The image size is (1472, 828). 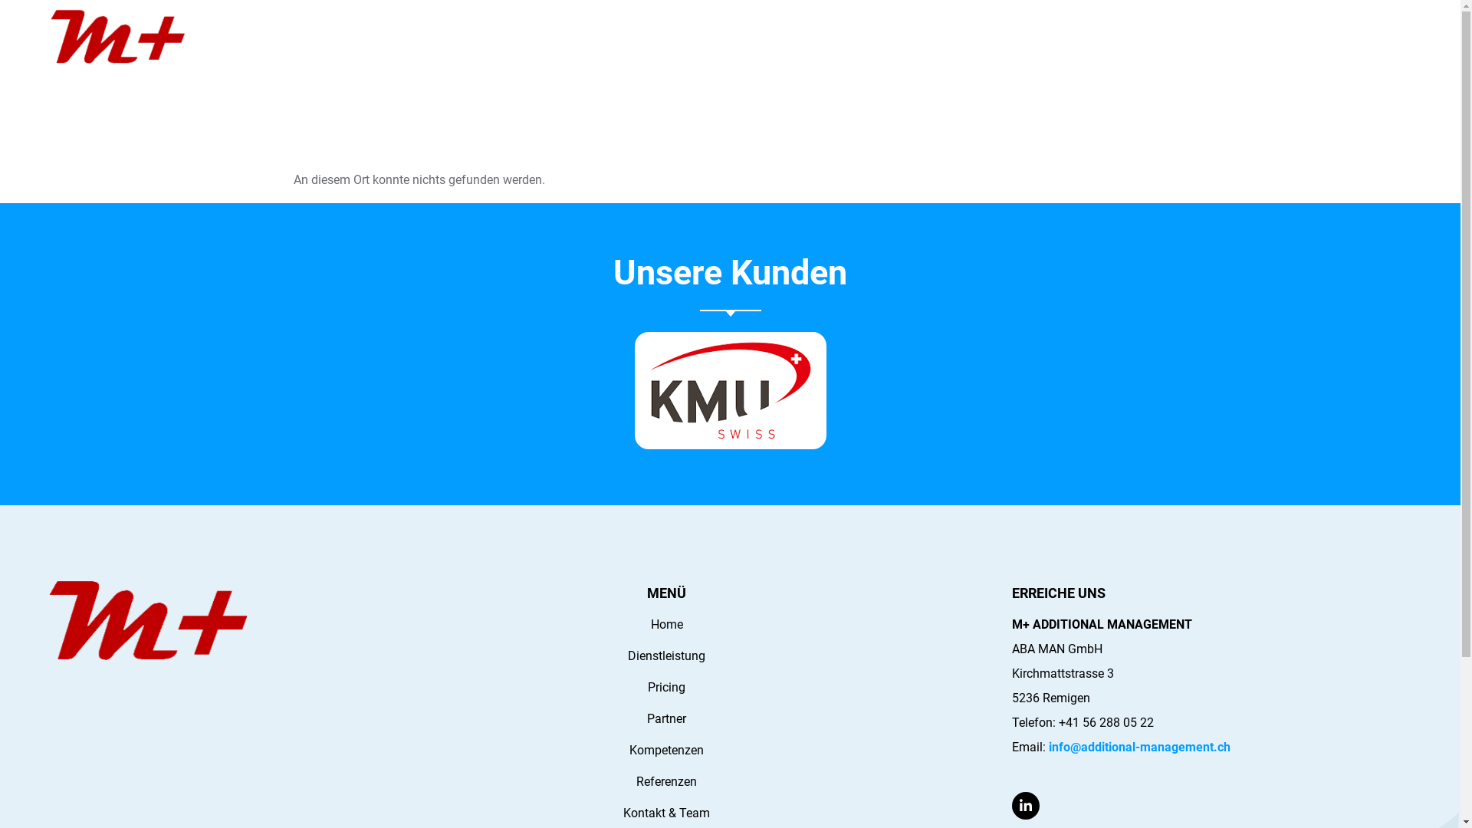 What do you see at coordinates (666, 718) in the screenshot?
I see `'Partner'` at bounding box center [666, 718].